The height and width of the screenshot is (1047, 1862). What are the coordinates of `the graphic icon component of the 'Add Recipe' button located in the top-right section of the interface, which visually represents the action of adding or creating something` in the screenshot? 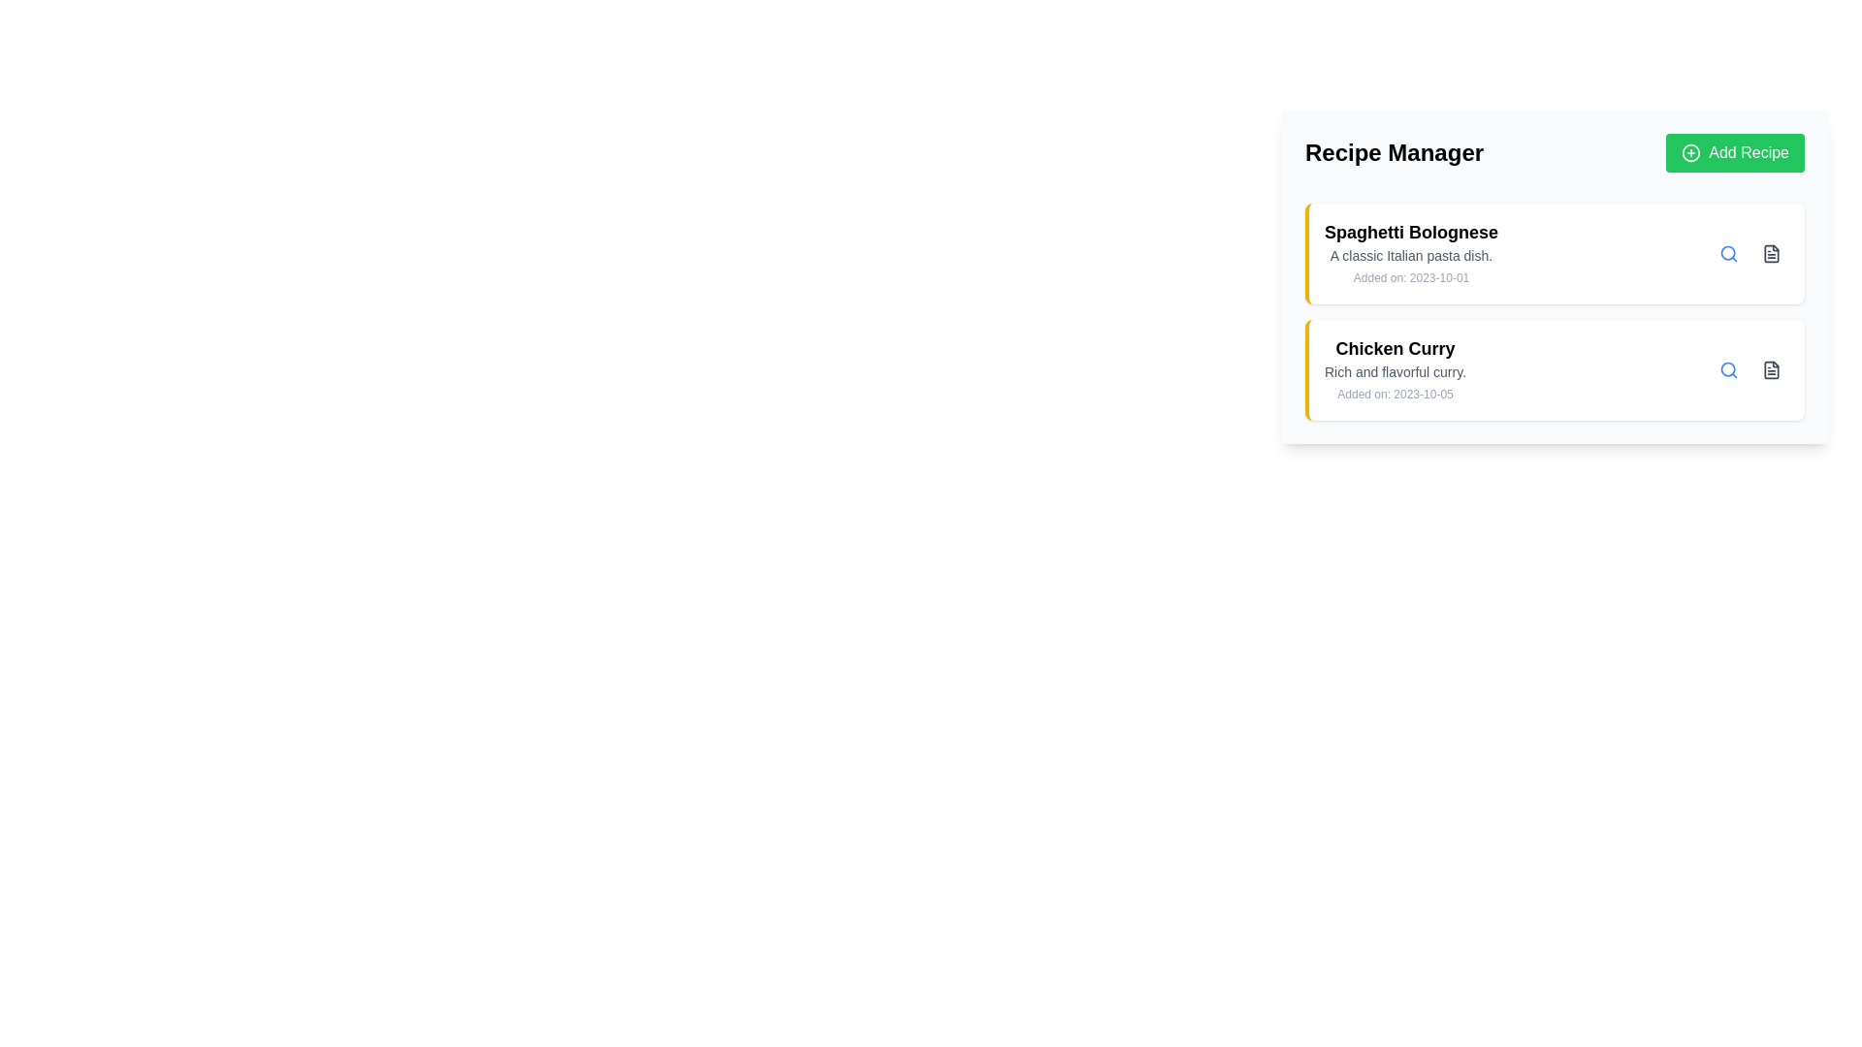 It's located at (1690, 152).